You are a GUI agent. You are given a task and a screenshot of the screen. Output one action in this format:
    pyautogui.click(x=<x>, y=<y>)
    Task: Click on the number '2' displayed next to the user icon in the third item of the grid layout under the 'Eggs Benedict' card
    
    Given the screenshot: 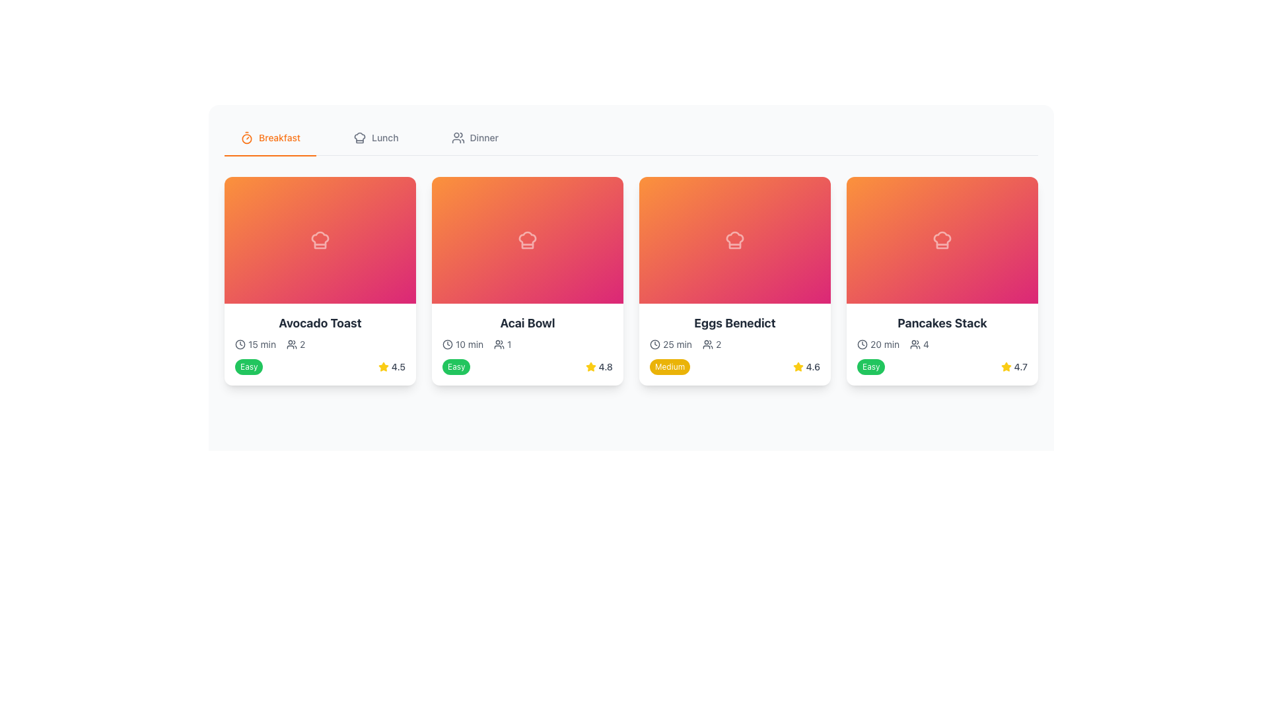 What is the action you would take?
    pyautogui.click(x=711, y=343)
    